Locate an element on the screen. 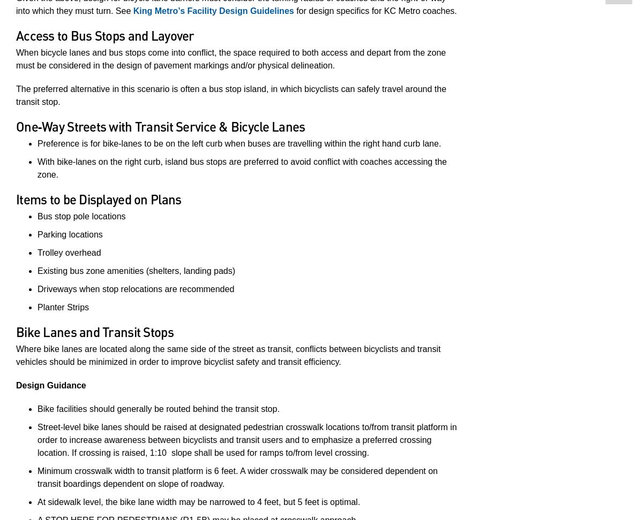 This screenshot has height=520, width=643. 'Bus stop pole locations' is located at coordinates (37, 216).